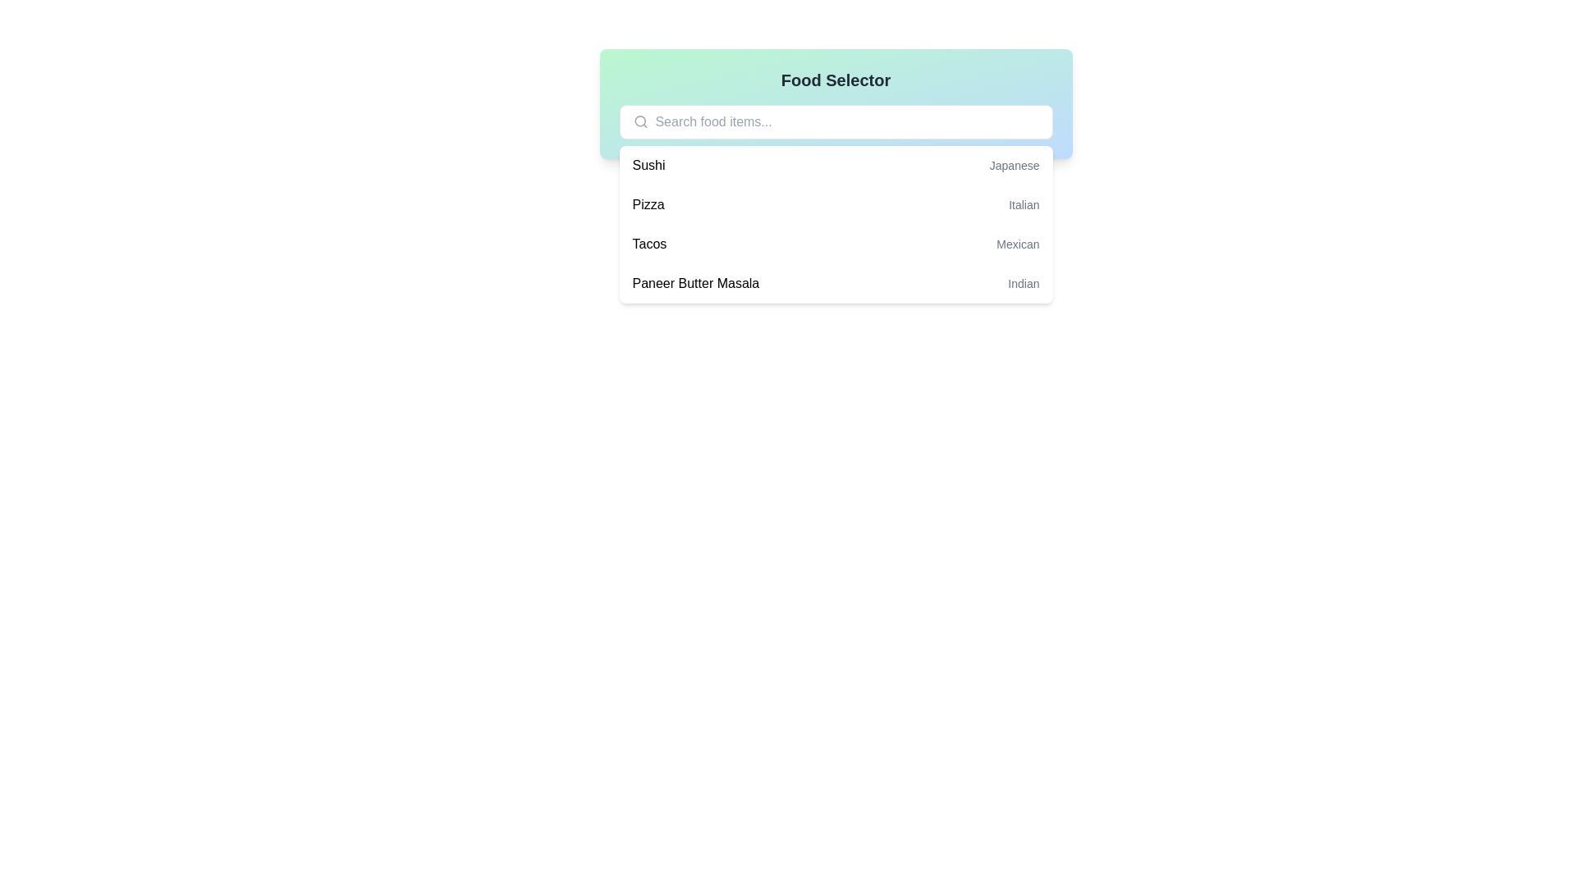 The height and width of the screenshot is (886, 1576). What do you see at coordinates (836, 244) in the screenshot?
I see `the third list item in the dropdown menu that displays a food item and its category` at bounding box center [836, 244].